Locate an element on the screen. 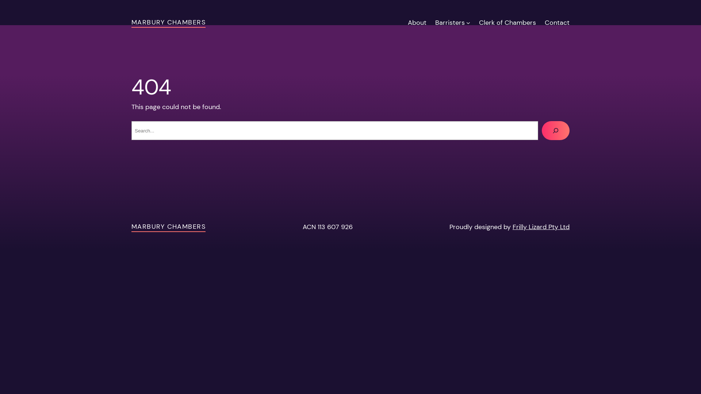 The width and height of the screenshot is (701, 394). 'About' is located at coordinates (417, 22).